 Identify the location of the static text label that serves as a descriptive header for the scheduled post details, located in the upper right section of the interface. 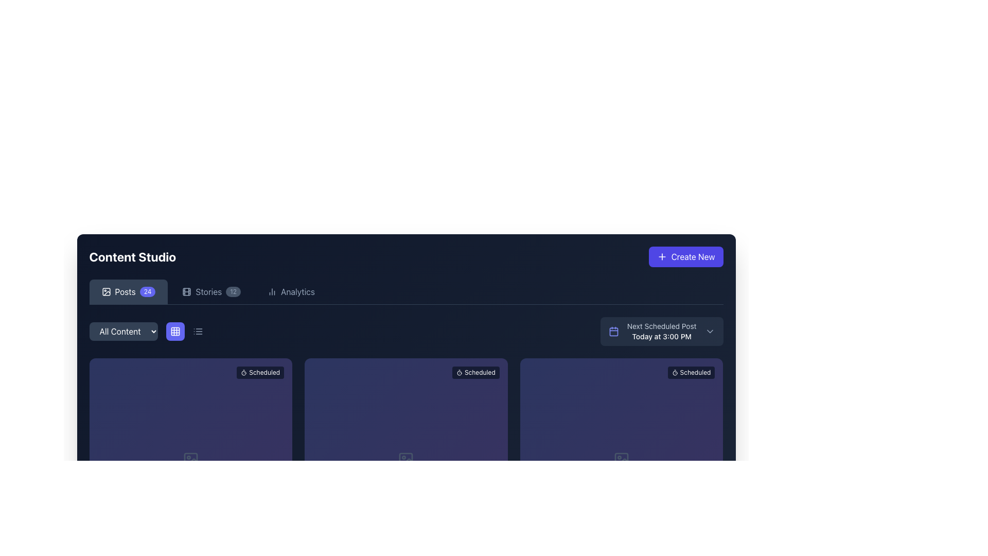
(662, 326).